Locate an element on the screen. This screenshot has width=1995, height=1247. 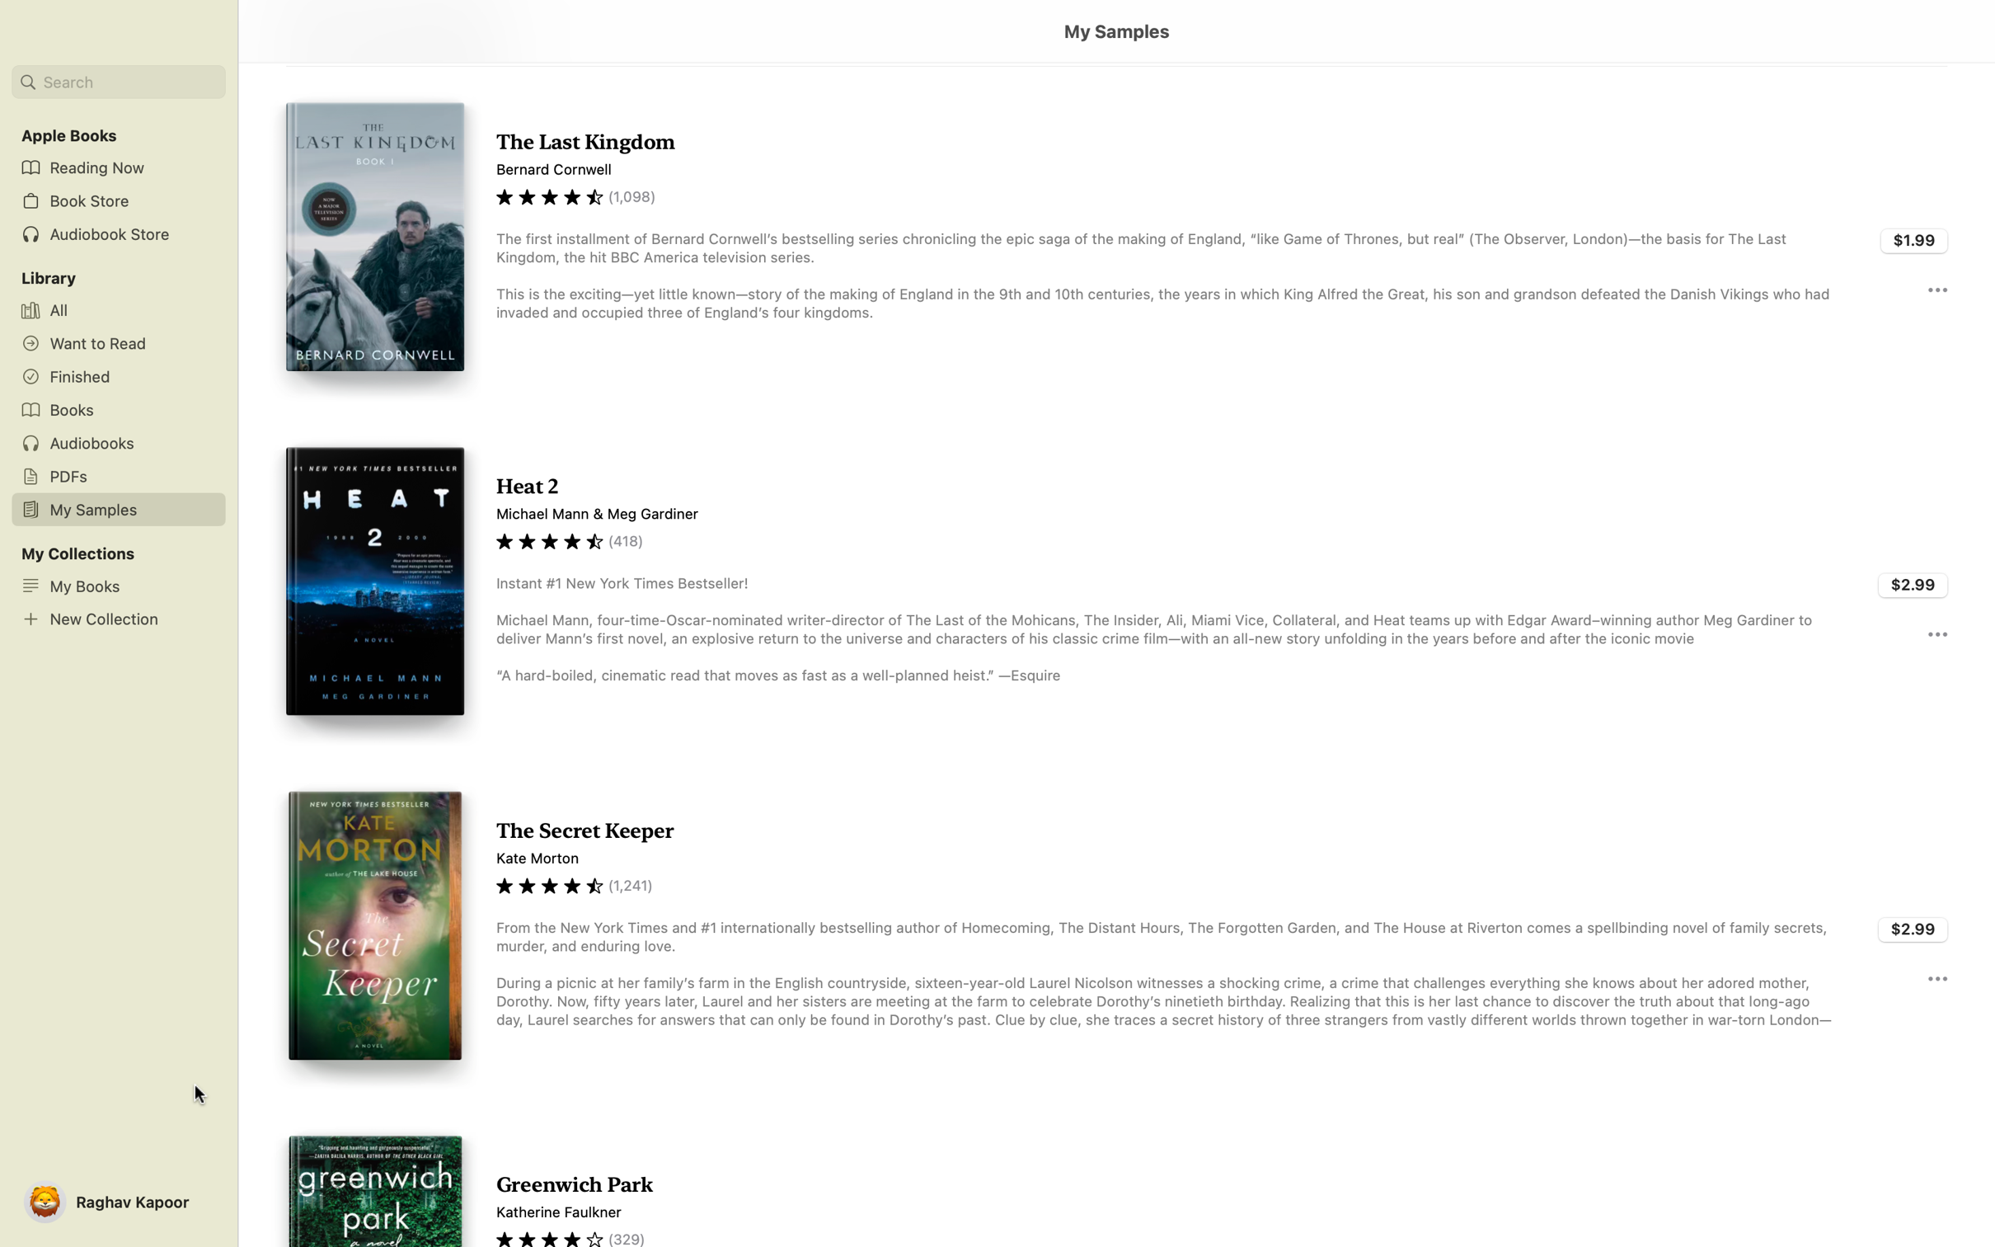
the function of viewing the "Greenwich Park" document is located at coordinates (1115, 1175).